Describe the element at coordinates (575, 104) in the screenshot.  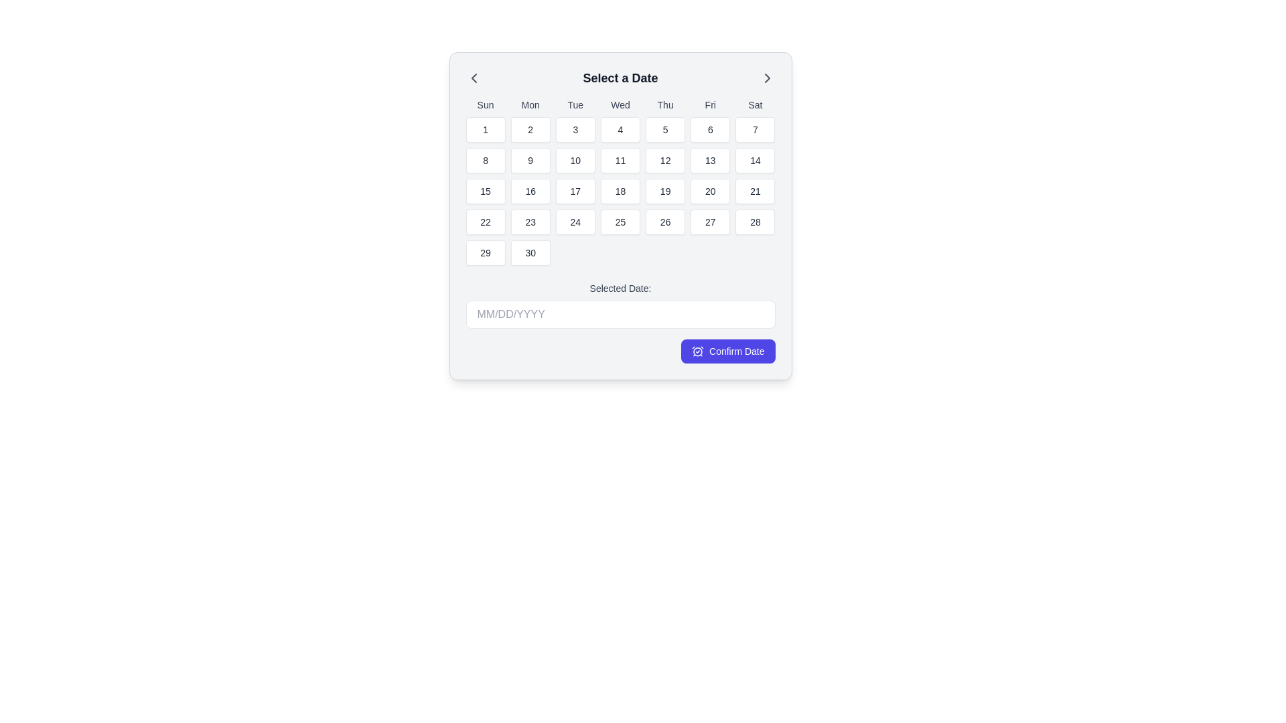
I see `the text label displaying 'Tue', which represents Tuesday in the calendar header row` at that location.